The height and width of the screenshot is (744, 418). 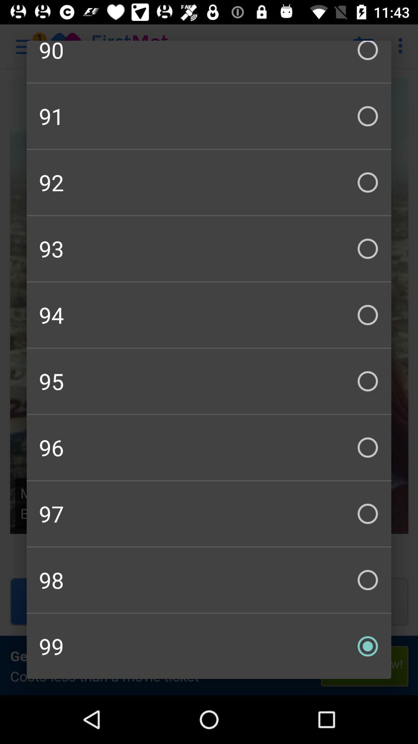 What do you see at coordinates (209, 381) in the screenshot?
I see `95 icon` at bounding box center [209, 381].